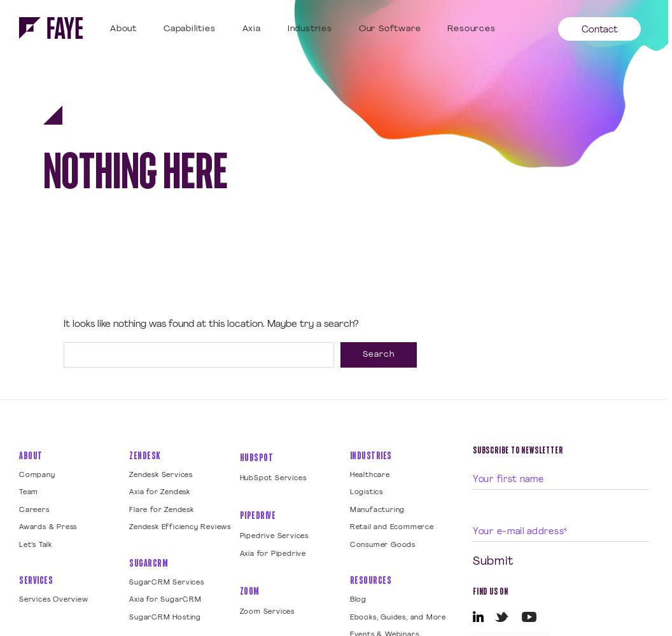 Image resolution: width=672 pixels, height=636 pixels. I want to click on 'HubSpot', so click(256, 456).